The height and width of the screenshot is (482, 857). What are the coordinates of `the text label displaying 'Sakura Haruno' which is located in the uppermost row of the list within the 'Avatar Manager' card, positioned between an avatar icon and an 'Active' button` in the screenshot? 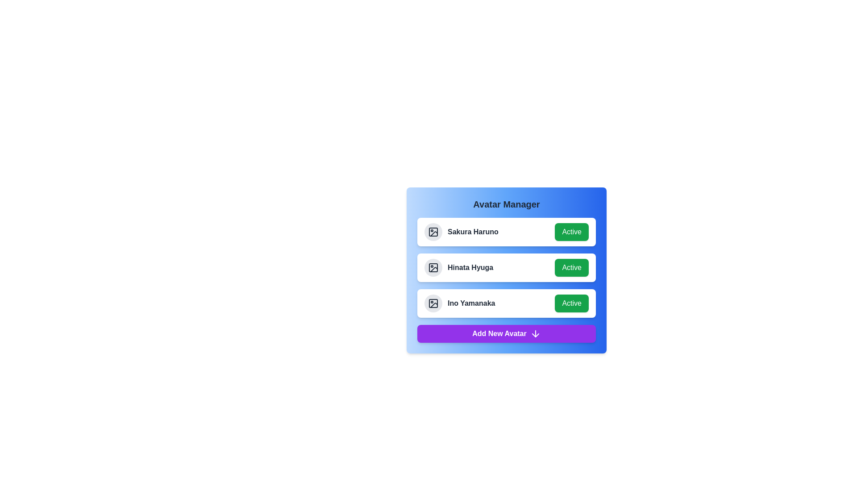 It's located at (472, 232).